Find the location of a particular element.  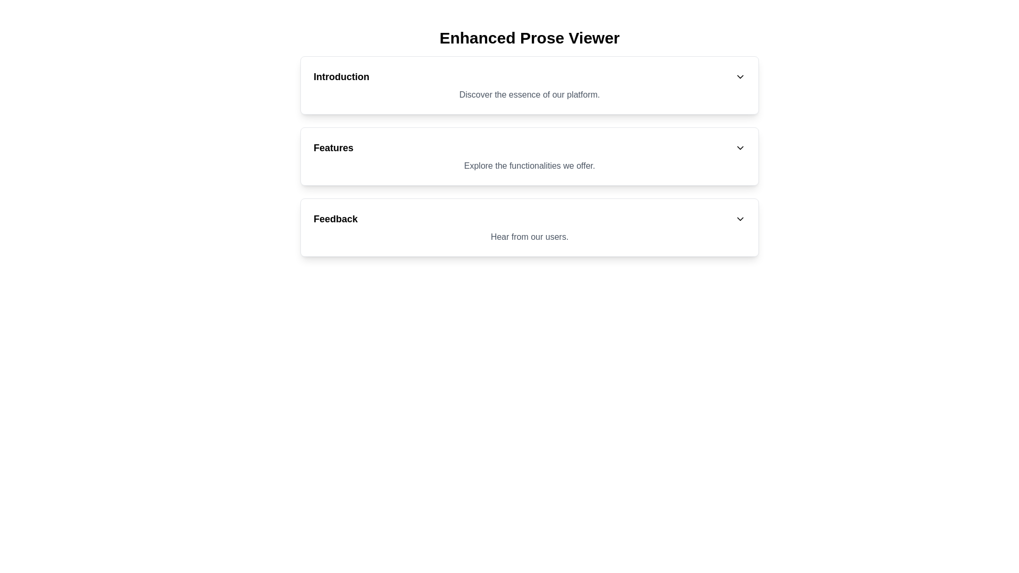

the bold text label reading 'Feedback' which is positioned on the left side of the third section, between 'Features' and an empty space is located at coordinates (335, 218).